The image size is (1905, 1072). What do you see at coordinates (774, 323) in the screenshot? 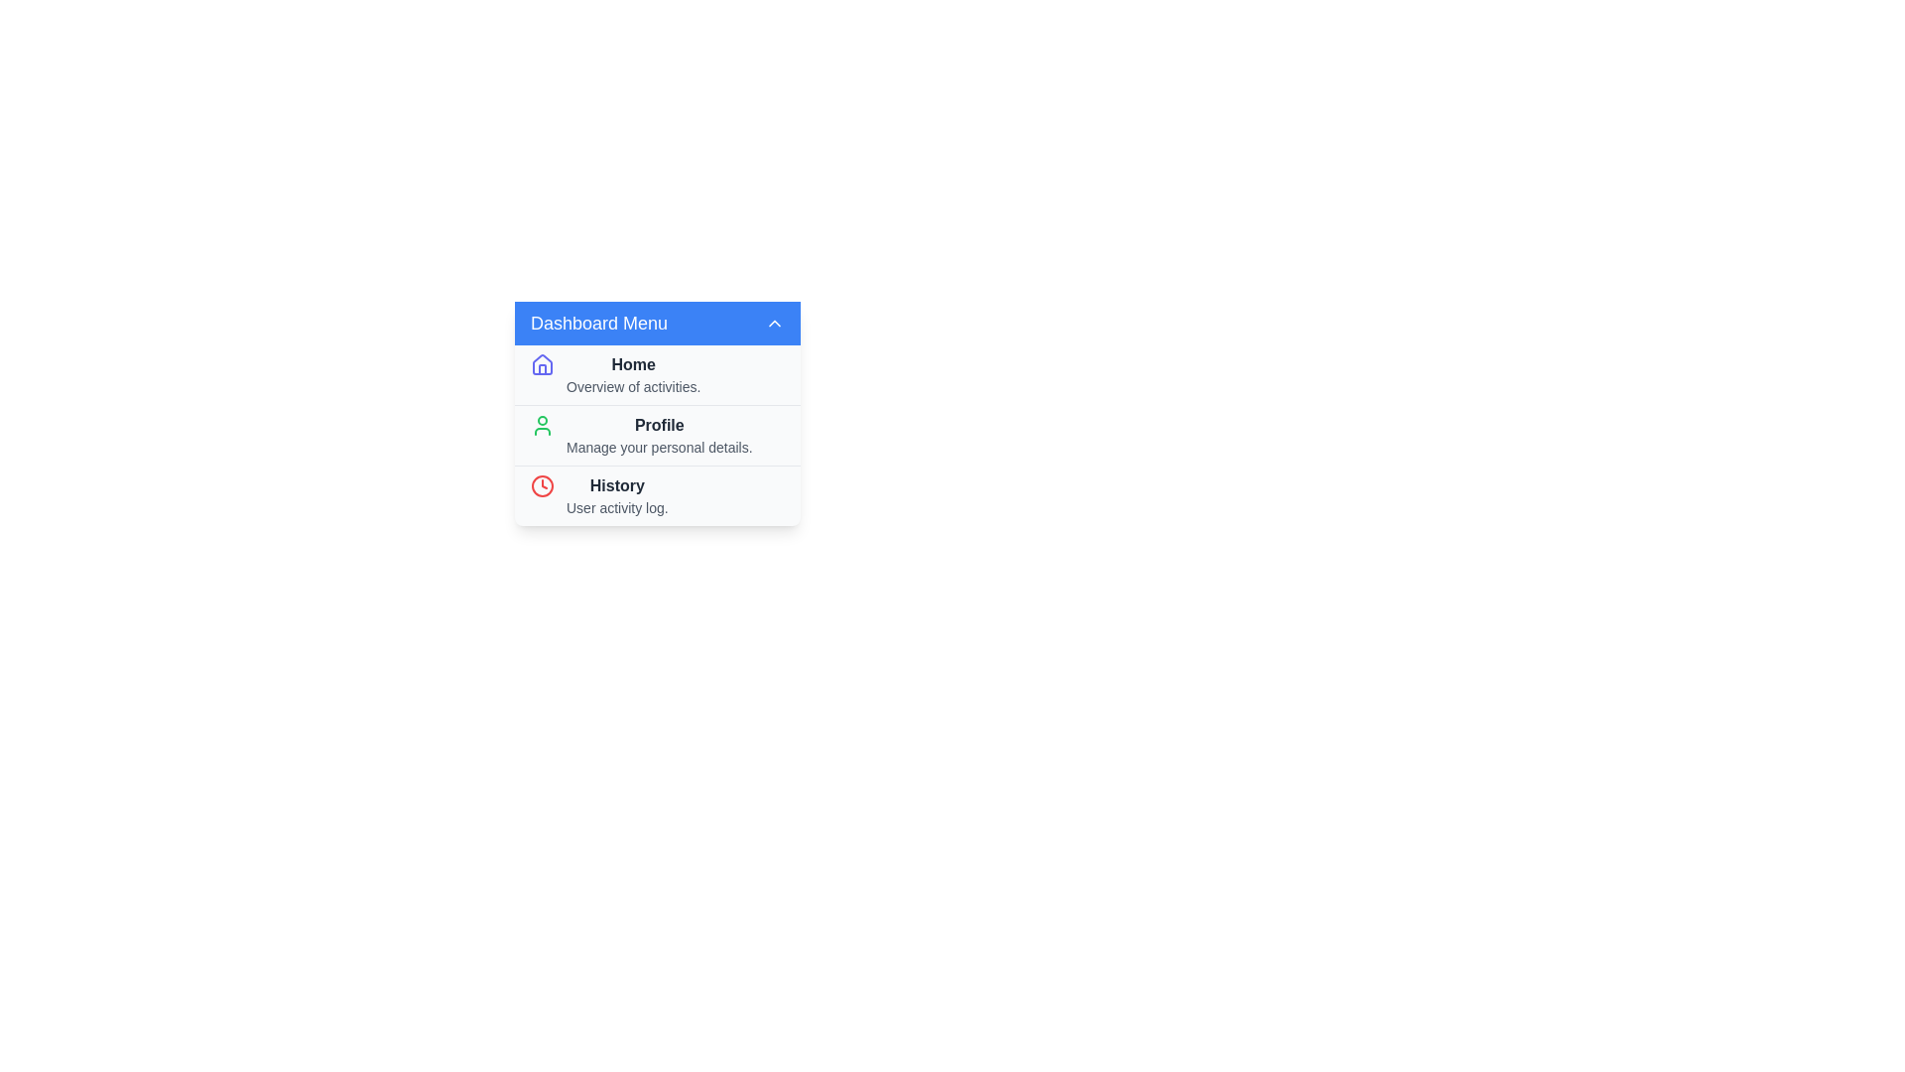
I see `the chevron-up icon located at the right edge of the 'Dashboard Menu' header` at bounding box center [774, 323].